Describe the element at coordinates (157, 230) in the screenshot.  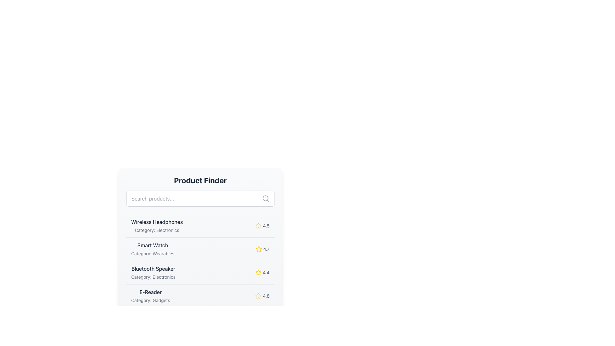
I see `the Text Label that provides category information for the product 'Wireless Headphones', located directly under the product title` at that location.